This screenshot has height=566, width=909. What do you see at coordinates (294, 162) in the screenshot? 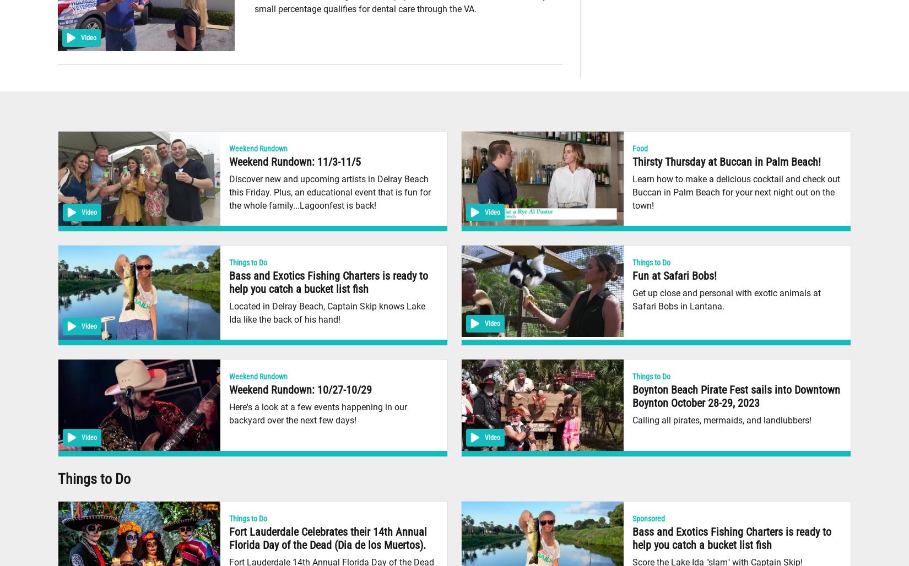
I see `'Weekend Rundown: 11/3-11/5'` at bounding box center [294, 162].